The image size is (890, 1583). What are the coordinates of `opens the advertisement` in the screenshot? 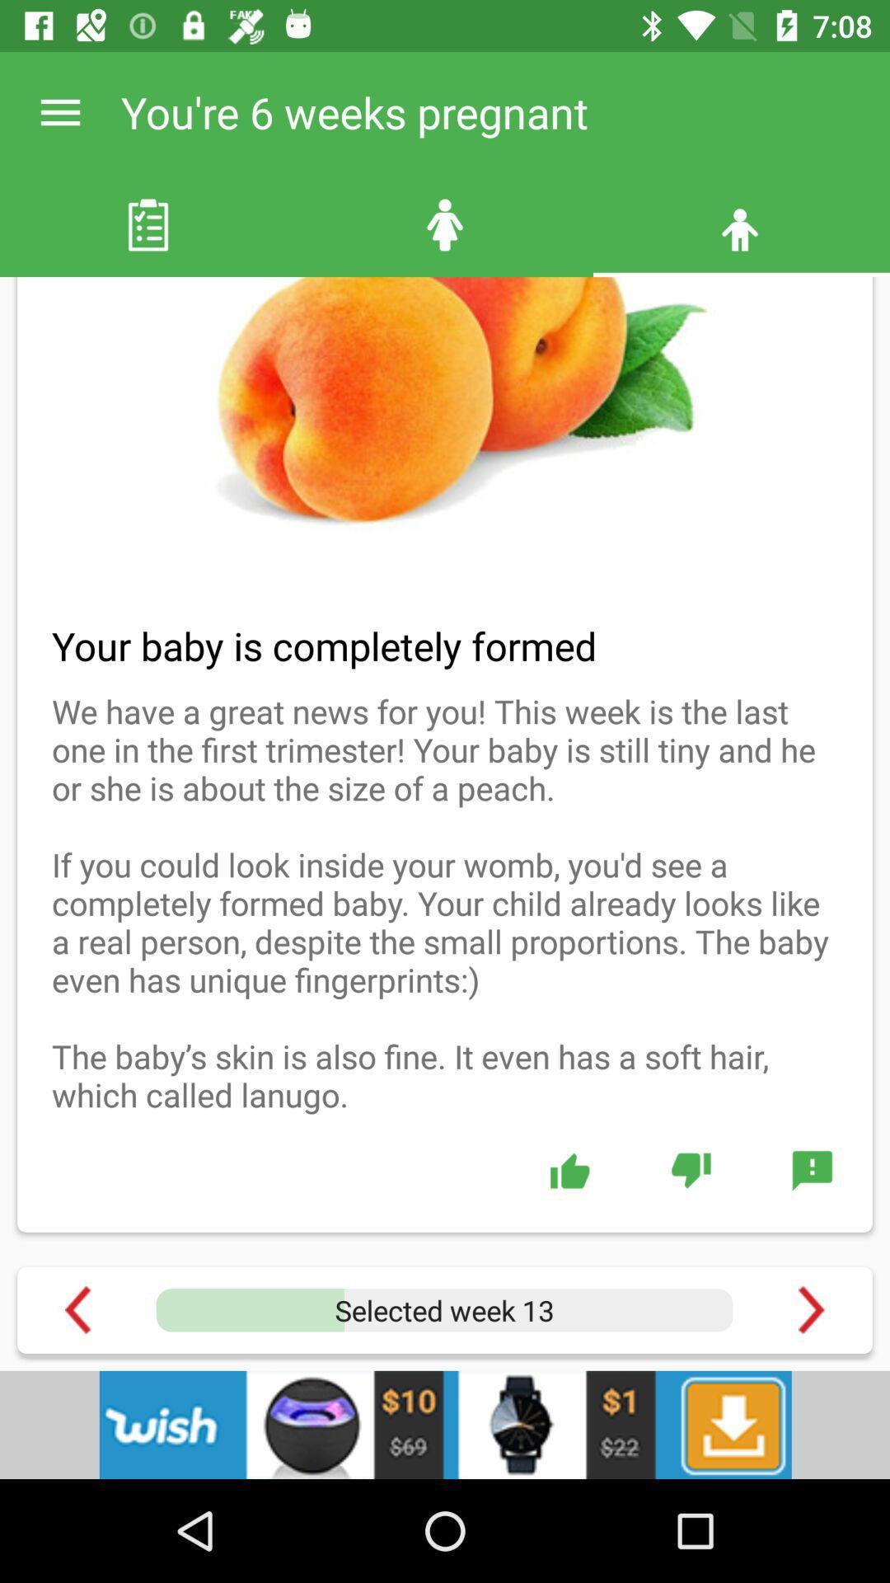 It's located at (445, 1424).